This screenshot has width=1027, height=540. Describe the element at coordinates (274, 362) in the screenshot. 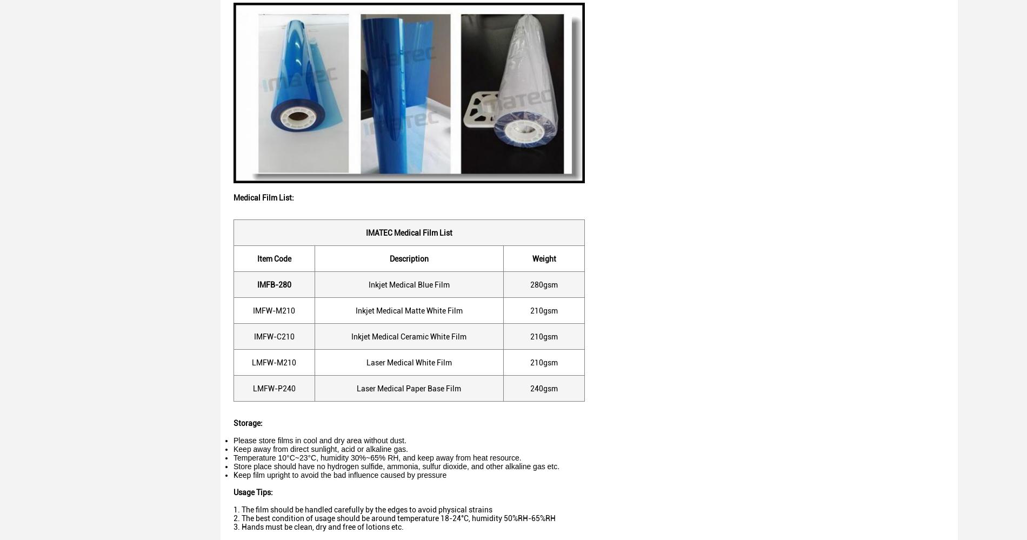

I see `'LMFW-M210'` at that location.